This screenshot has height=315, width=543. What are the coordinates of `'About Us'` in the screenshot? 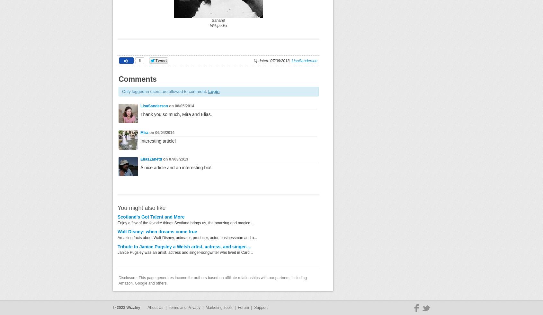 It's located at (155, 307).